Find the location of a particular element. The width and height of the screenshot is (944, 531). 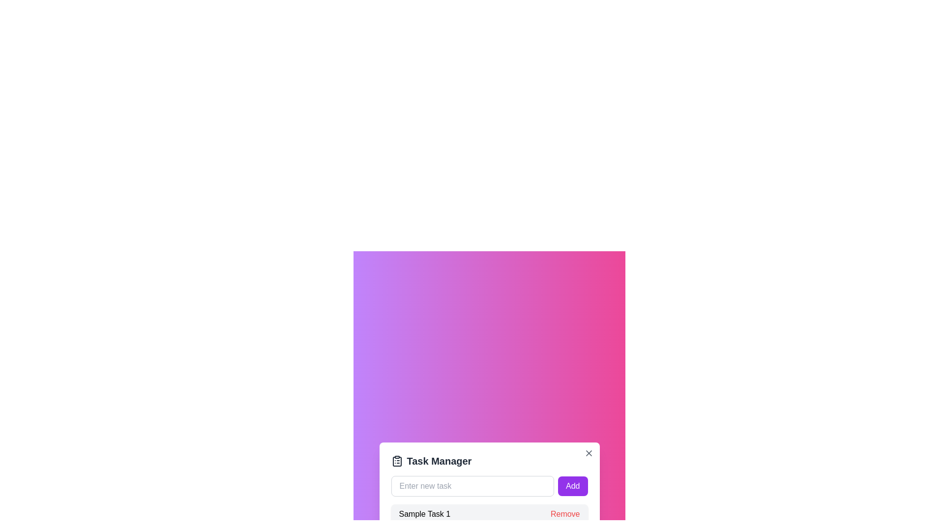

the close Icon button located in the top-right corner of the 'Task Manager' modal to change its color is located at coordinates (589, 453).